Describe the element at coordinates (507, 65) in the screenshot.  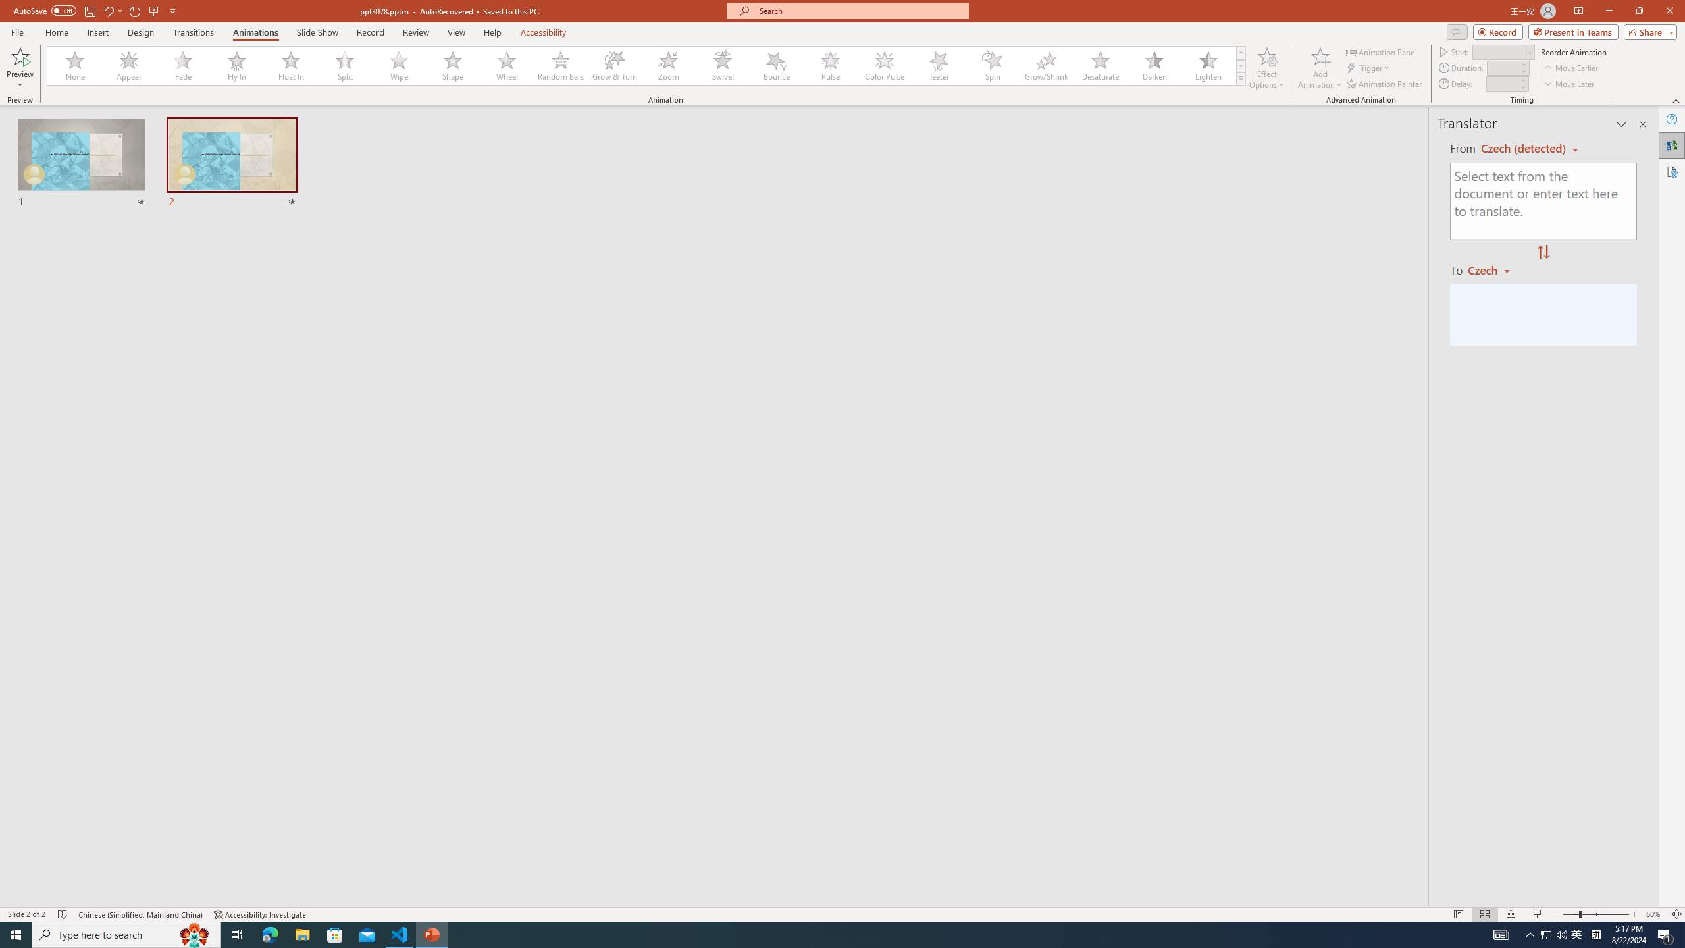
I see `'Wheel'` at that location.